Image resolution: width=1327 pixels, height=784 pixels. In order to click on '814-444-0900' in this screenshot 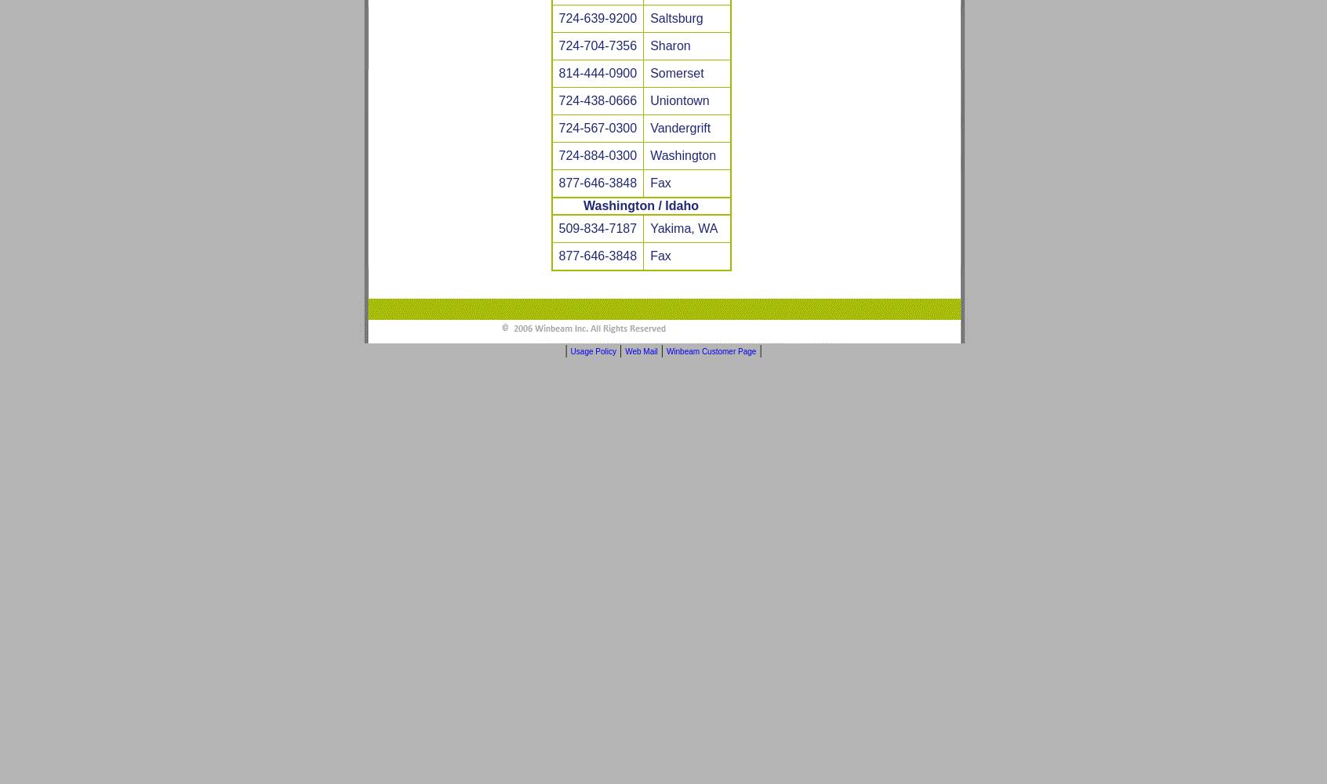, I will do `click(557, 72)`.